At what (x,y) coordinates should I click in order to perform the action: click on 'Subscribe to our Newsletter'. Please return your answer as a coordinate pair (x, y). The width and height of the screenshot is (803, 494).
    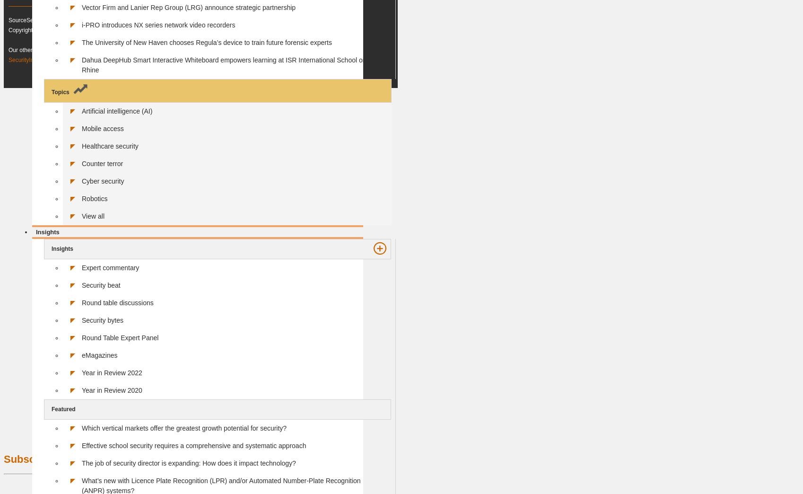
    Looking at the image, I should click on (3, 459).